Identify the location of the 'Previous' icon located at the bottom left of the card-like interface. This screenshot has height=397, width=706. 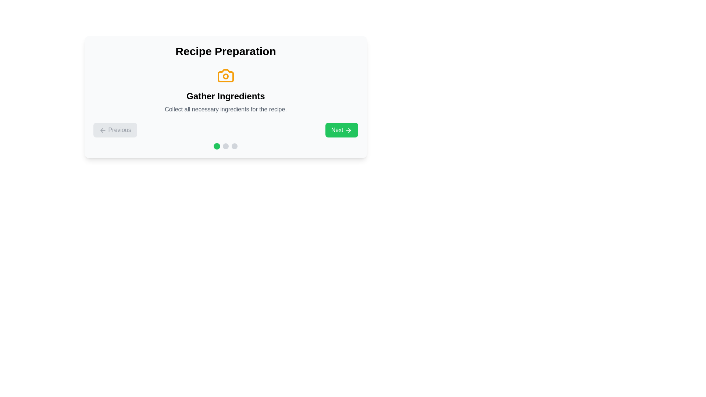
(101, 130).